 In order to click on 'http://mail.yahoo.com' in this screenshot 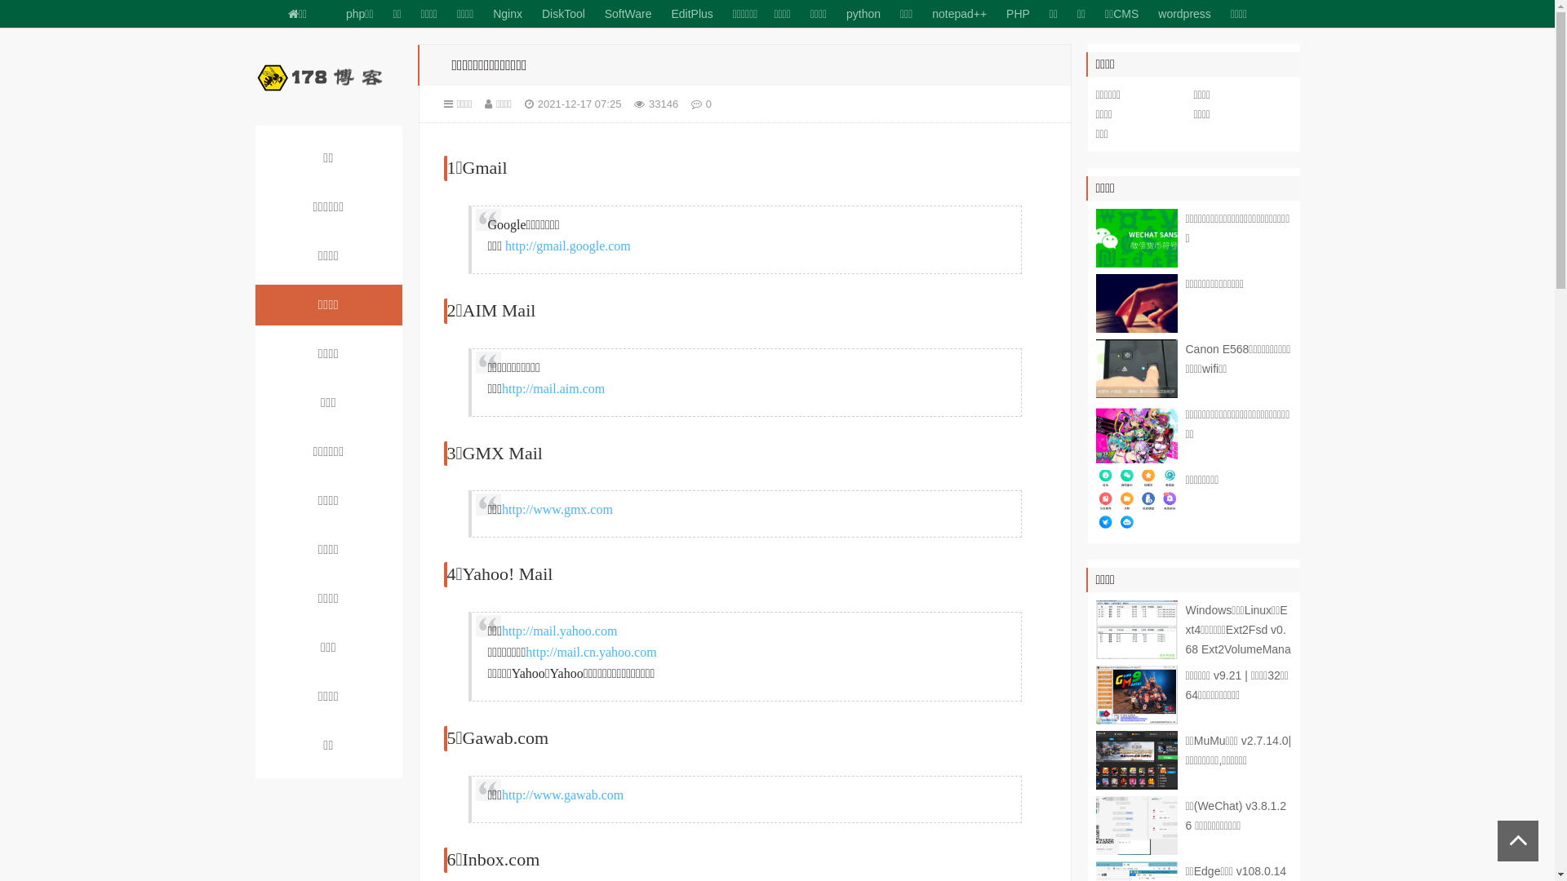, I will do `click(559, 630)`.